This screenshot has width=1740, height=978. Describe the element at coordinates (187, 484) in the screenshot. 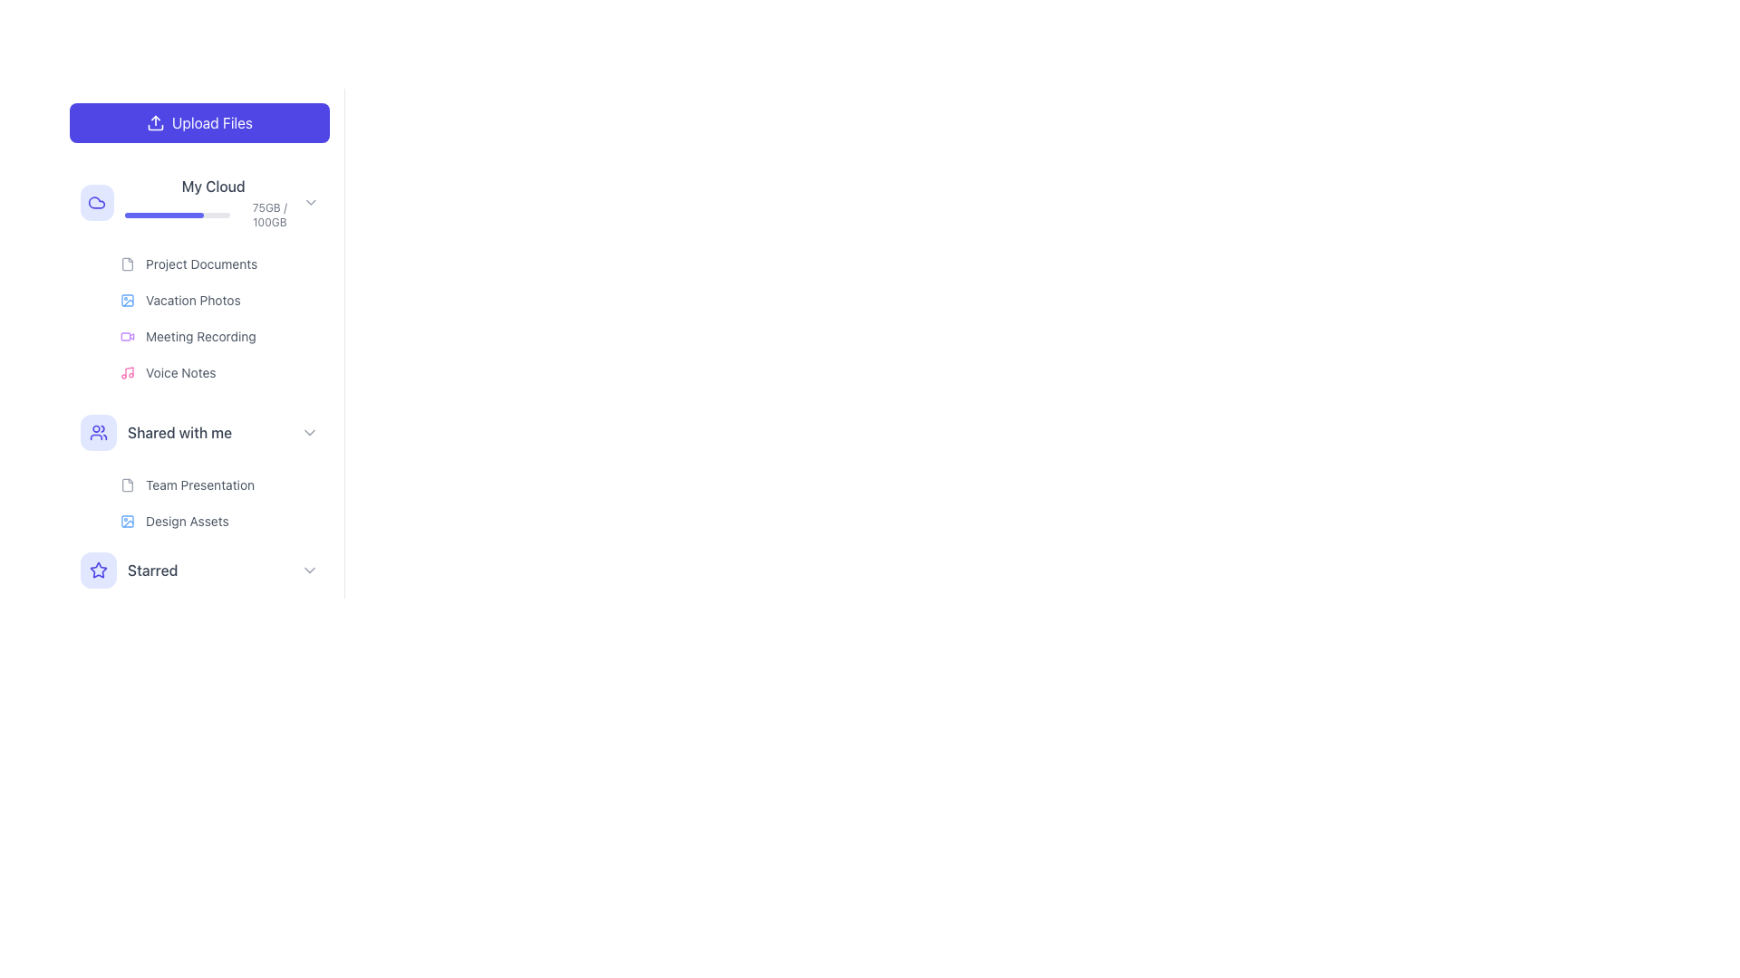

I see `the list item for the shared document named 'Team Presentation' located` at that location.